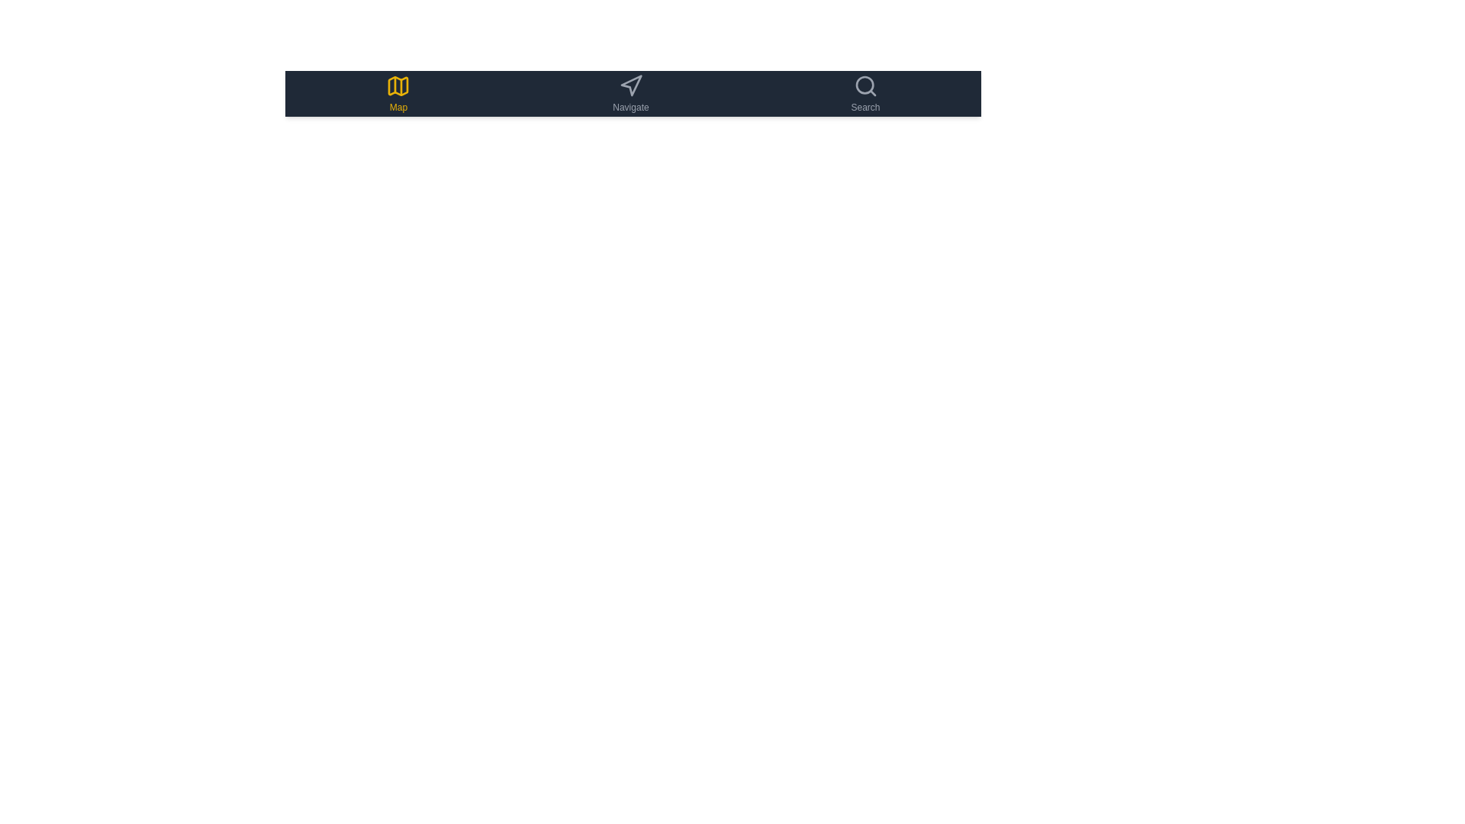 Image resolution: width=1465 pixels, height=824 pixels. What do you see at coordinates (865, 94) in the screenshot?
I see `the 'Search' navigation button located at the rightmost position in the horizontal navigation bar` at bounding box center [865, 94].